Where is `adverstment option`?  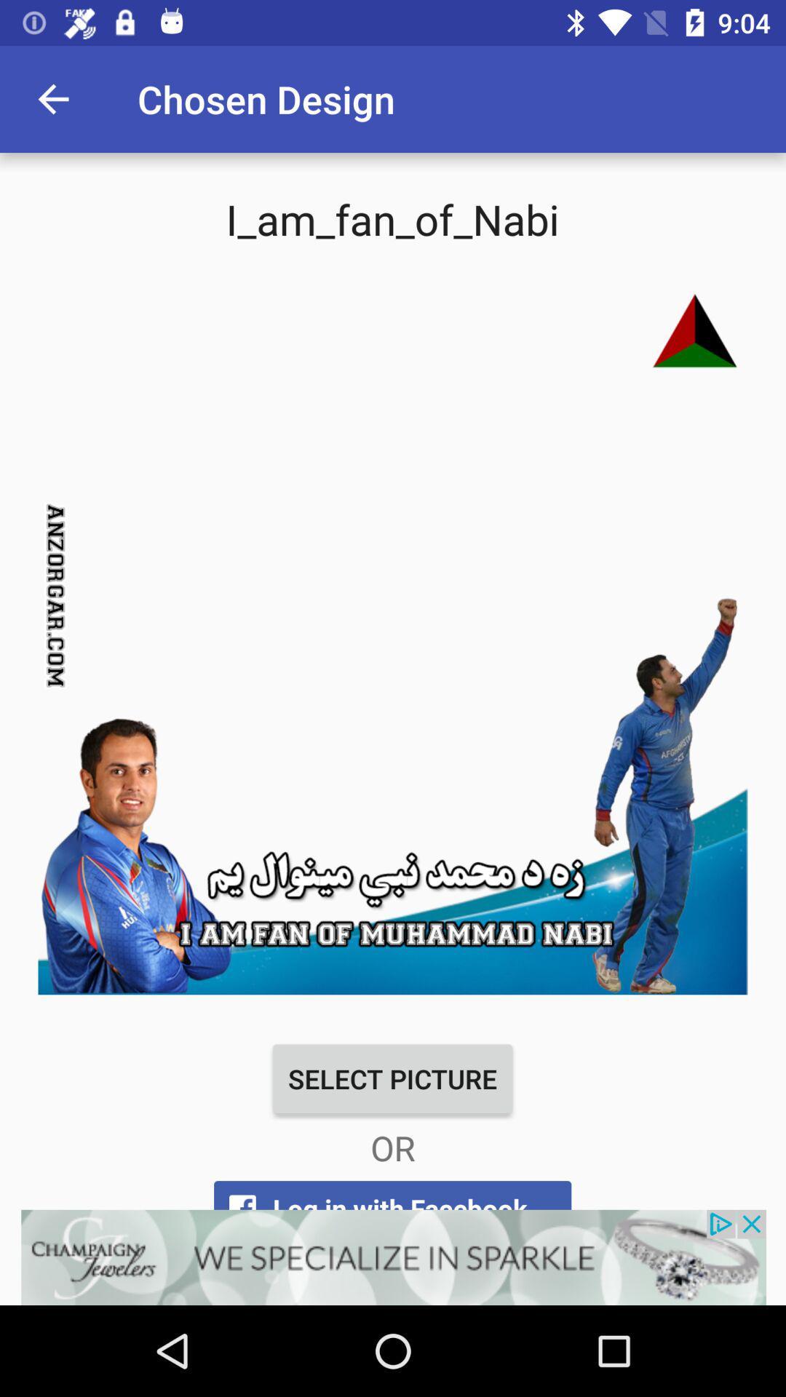
adverstment option is located at coordinates (393, 1257).